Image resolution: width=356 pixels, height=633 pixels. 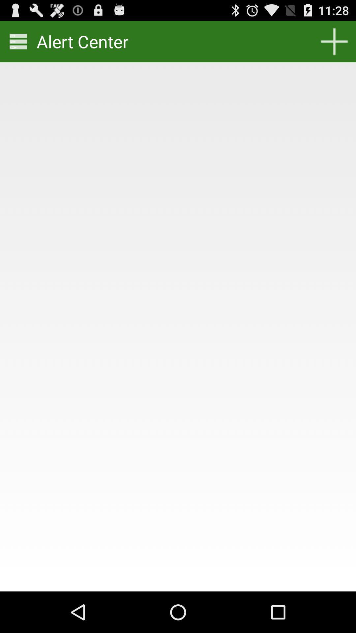 What do you see at coordinates (334, 41) in the screenshot?
I see `button` at bounding box center [334, 41].